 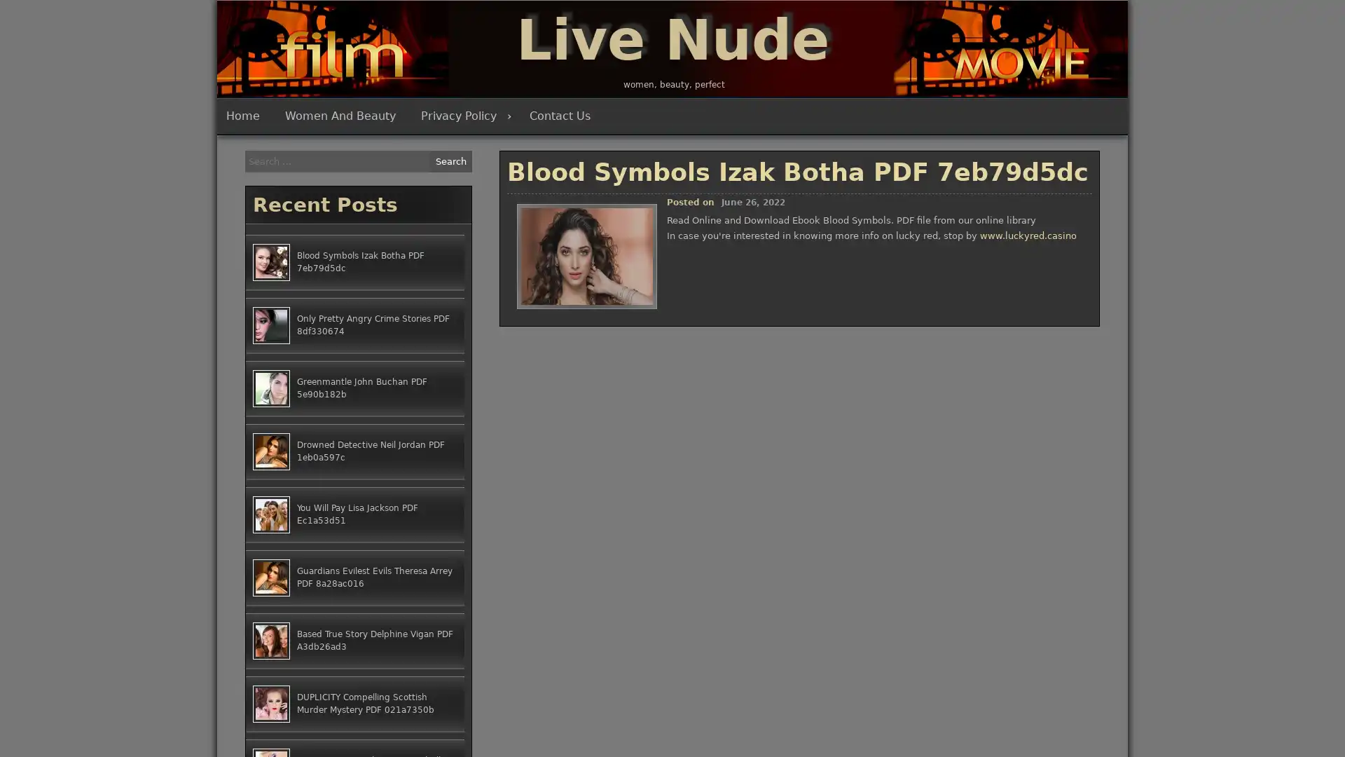 I want to click on Search, so click(x=450, y=161).